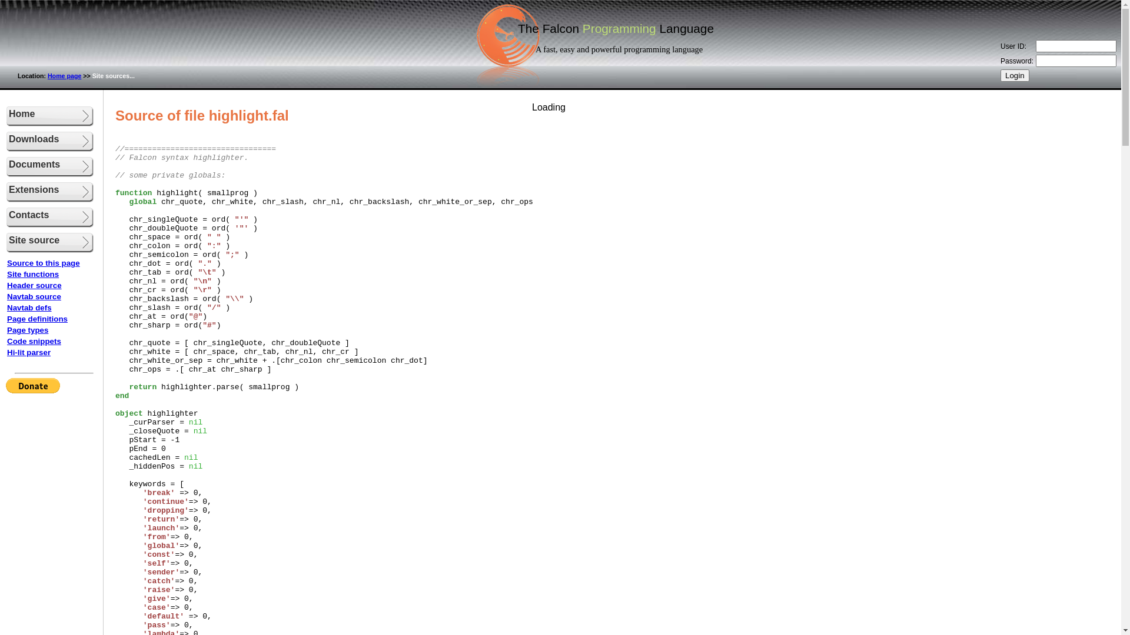 This screenshot has width=1130, height=635. What do you see at coordinates (64, 75) in the screenshot?
I see `'Home page'` at bounding box center [64, 75].